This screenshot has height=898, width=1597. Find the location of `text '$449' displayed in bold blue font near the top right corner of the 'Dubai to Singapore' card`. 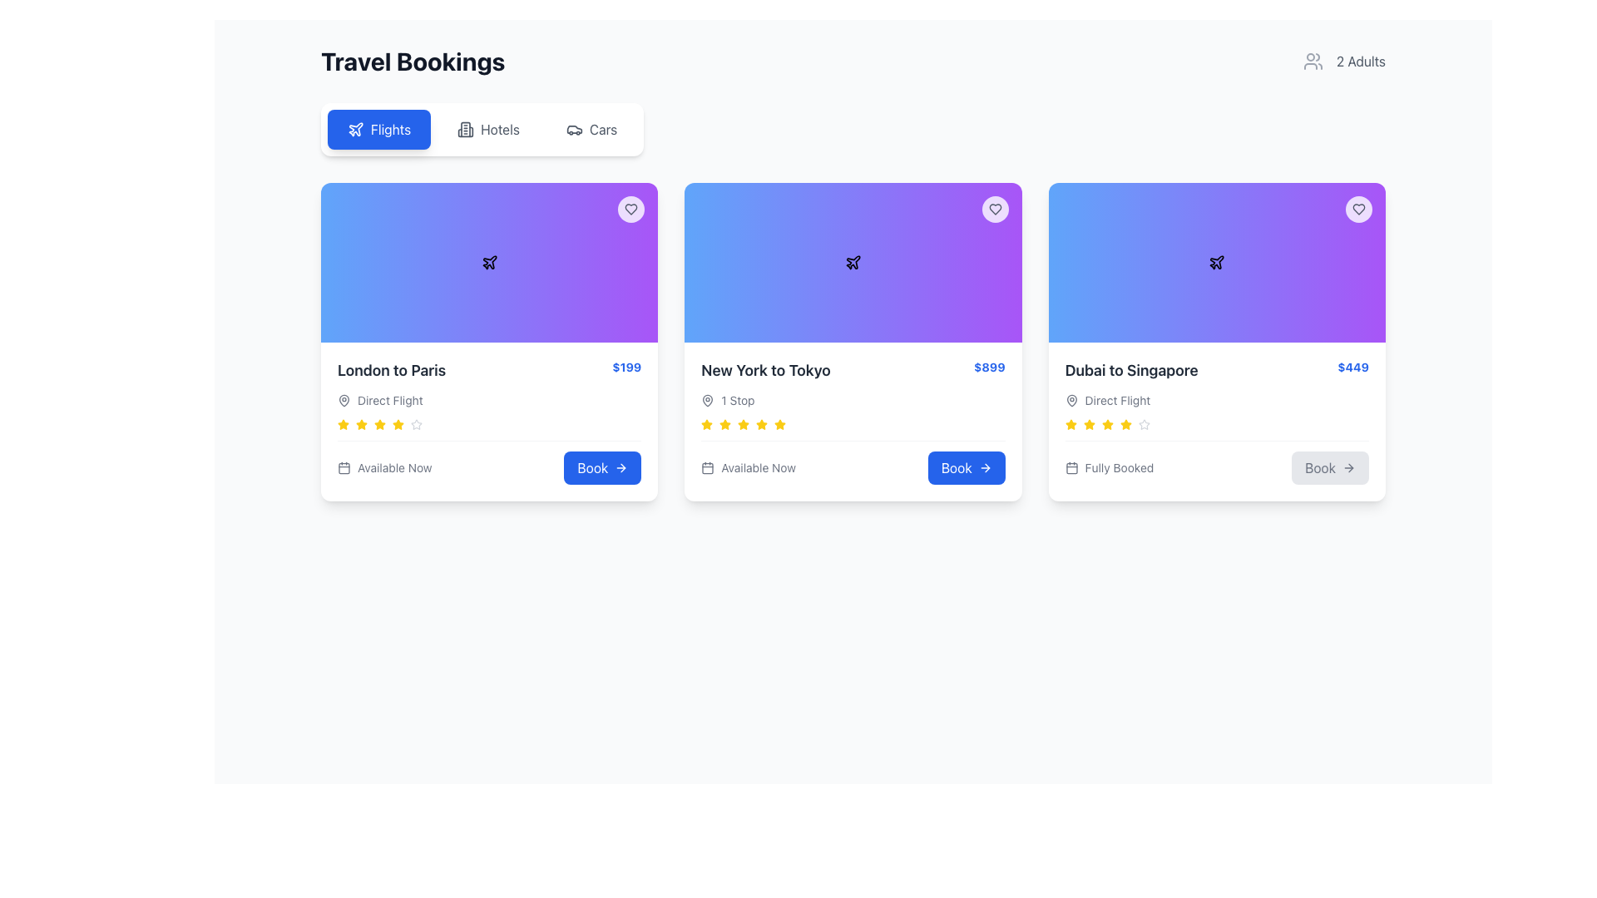

text '$449' displayed in bold blue font near the top right corner of the 'Dubai to Singapore' card is located at coordinates (1353, 367).